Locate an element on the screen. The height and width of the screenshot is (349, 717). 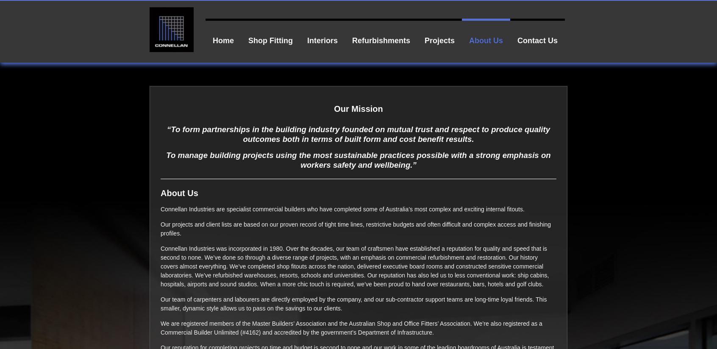
'Connellan Industries was incorporated in 1980. Over the decades, our team of craftsmen have established a reputation for quality and speed that is second to none. We’ve done so through a diverse range of projects, with an emphasis on commercial refurbishment and restoration. Our history covers almost everything. We’ve completed shop fitouts across the nation, delivered executive board rooms and constructed sensitive commercial laboratories. We’ve refurbished warehouses, resorts, schools and universities. Our reputation has also led us to less conventional work: ship cabins, hospitals, airports and sound studios. When a more chic touch is required, we’ve been proud to hand over restaurants, bars, hotels and golf clubs.' is located at coordinates (355, 265).